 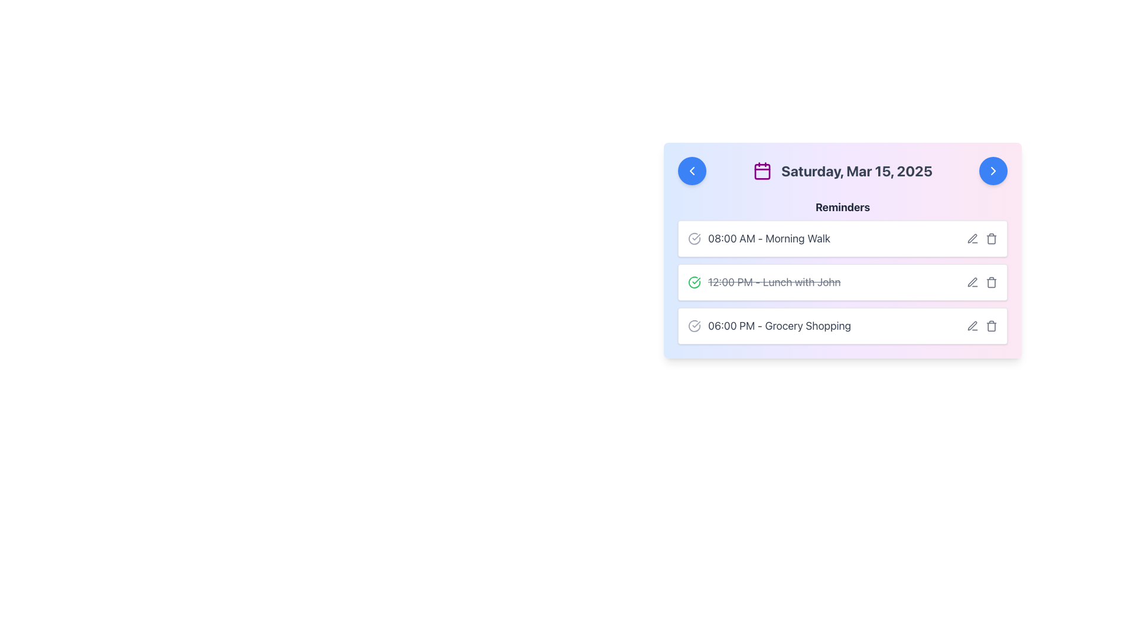 What do you see at coordinates (695, 239) in the screenshot?
I see `the status icon at the far left of the reminder entry` at bounding box center [695, 239].